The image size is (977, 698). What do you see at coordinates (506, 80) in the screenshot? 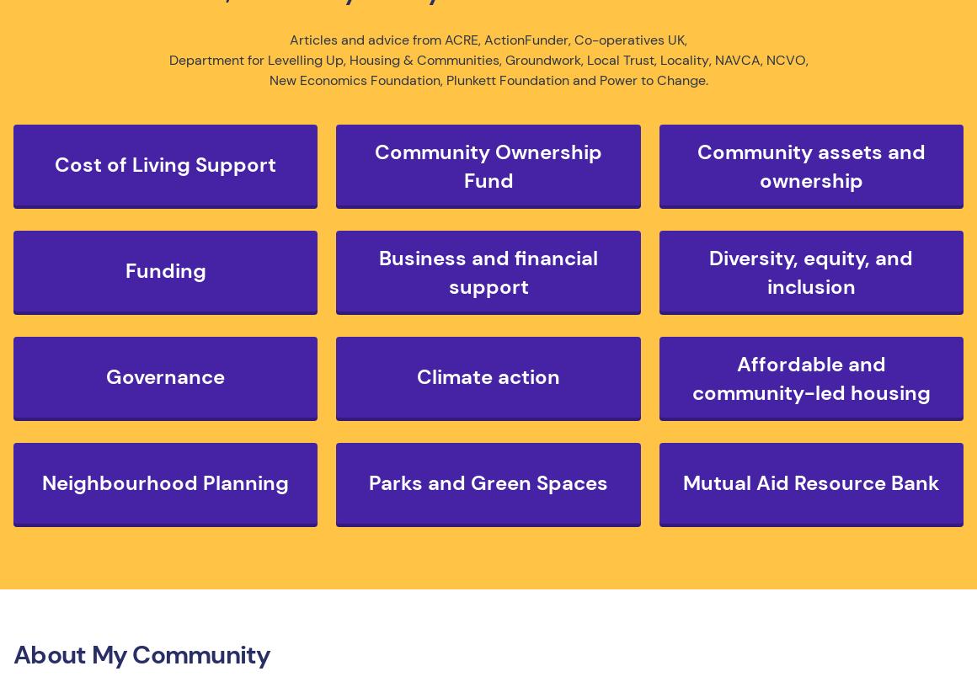
I see `'Plunkett Foundation'` at bounding box center [506, 80].